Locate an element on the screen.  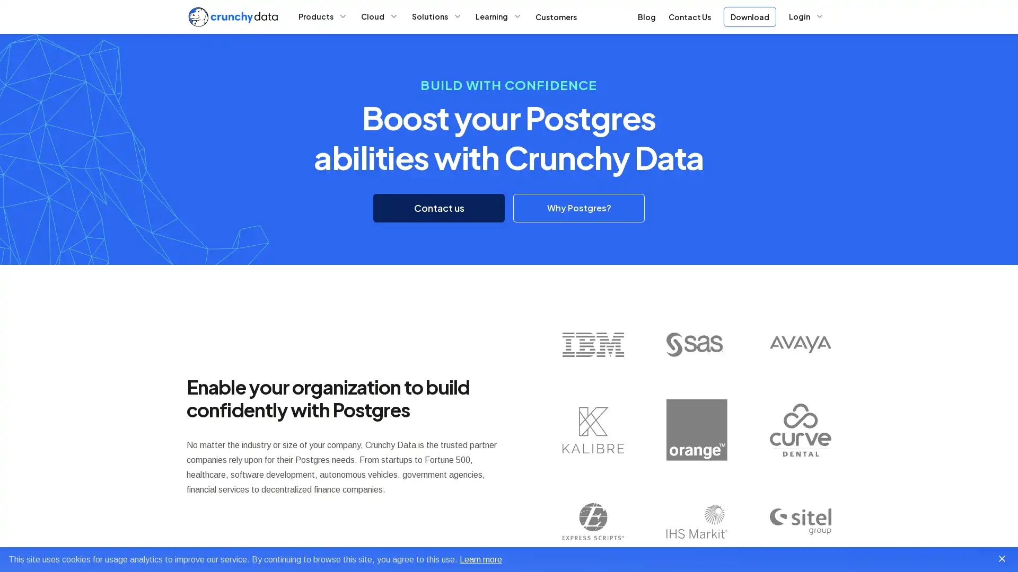
Login is located at coordinates (806, 16).